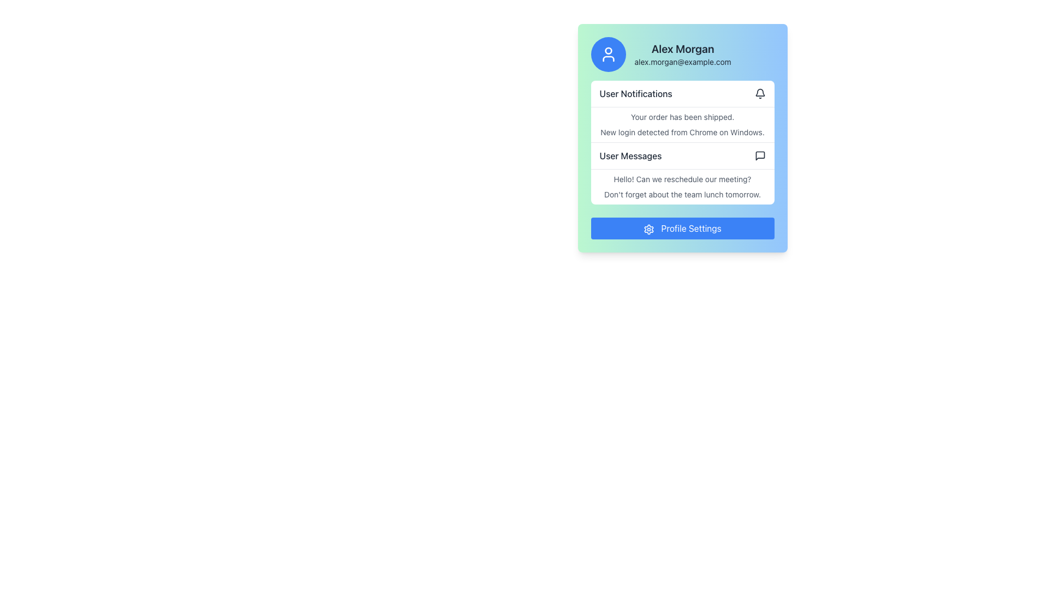 This screenshot has height=589, width=1048. Describe the element at coordinates (682, 117) in the screenshot. I see `the static text that reads 'Your order has been shipped.' located in the User Notifications section` at that location.